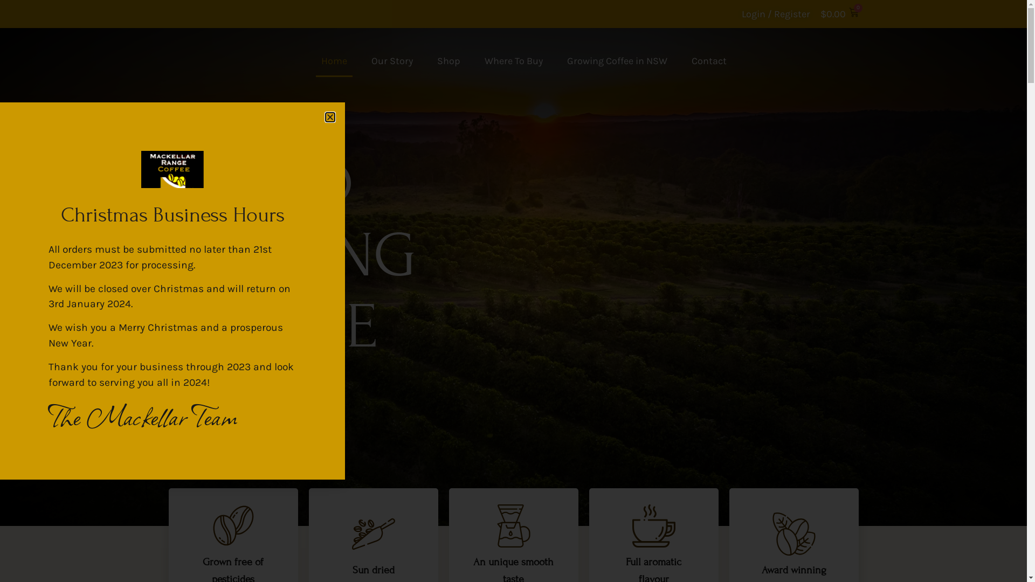 Image resolution: width=1035 pixels, height=582 pixels. Describe the element at coordinates (221, 396) in the screenshot. I see `'BUY NOW'` at that location.